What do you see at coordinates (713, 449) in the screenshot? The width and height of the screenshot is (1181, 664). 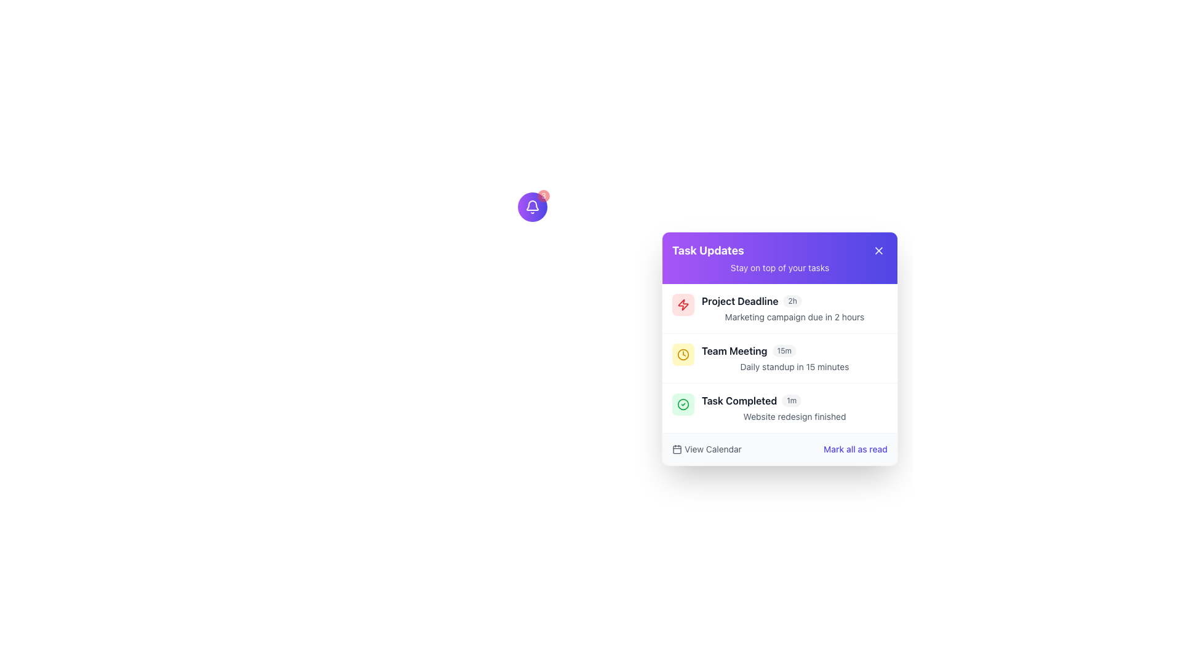 I see `the text link located in the bottom-left corner of the task notification panel` at bounding box center [713, 449].